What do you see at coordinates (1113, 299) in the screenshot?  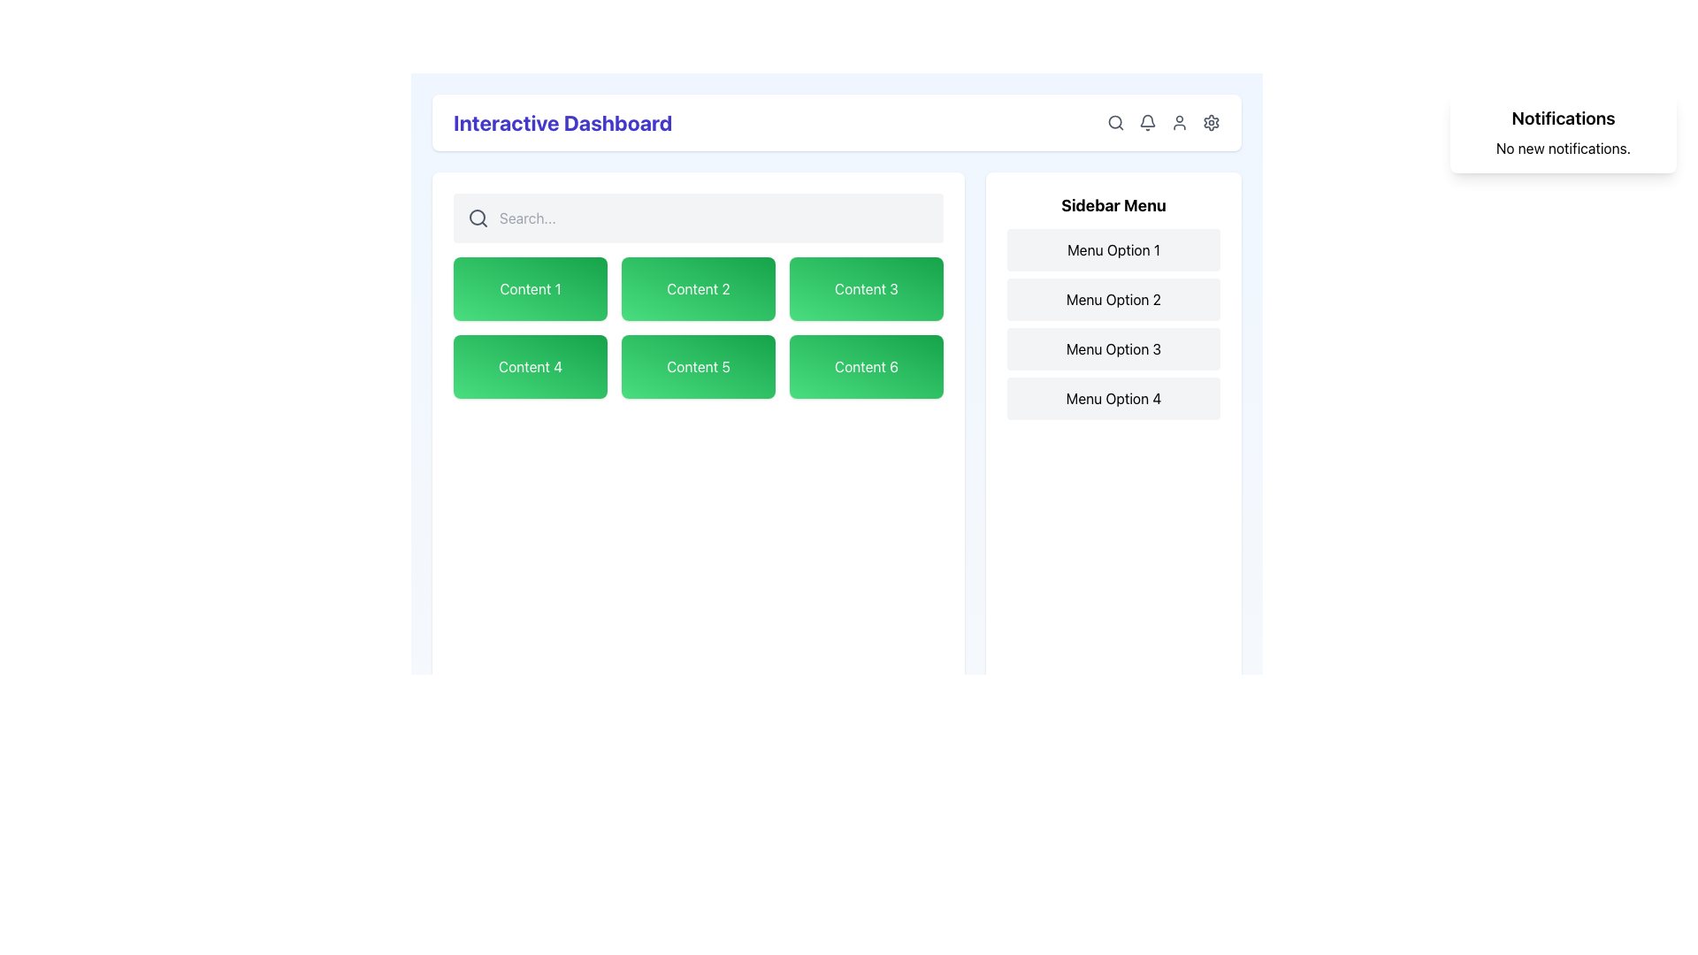 I see `the second button in the 'Sidebar Menu' to observe its hover effects` at bounding box center [1113, 299].